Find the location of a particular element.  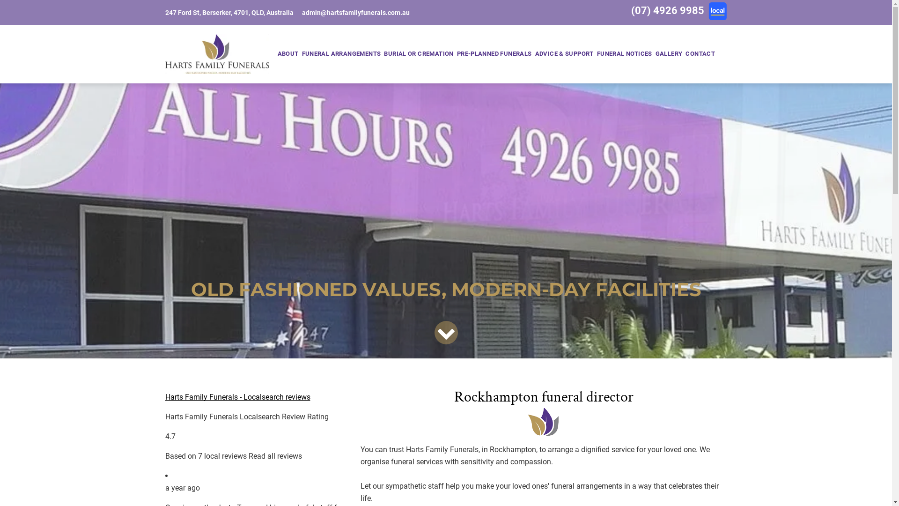

'(07) 4926 9985' is located at coordinates (667, 10).